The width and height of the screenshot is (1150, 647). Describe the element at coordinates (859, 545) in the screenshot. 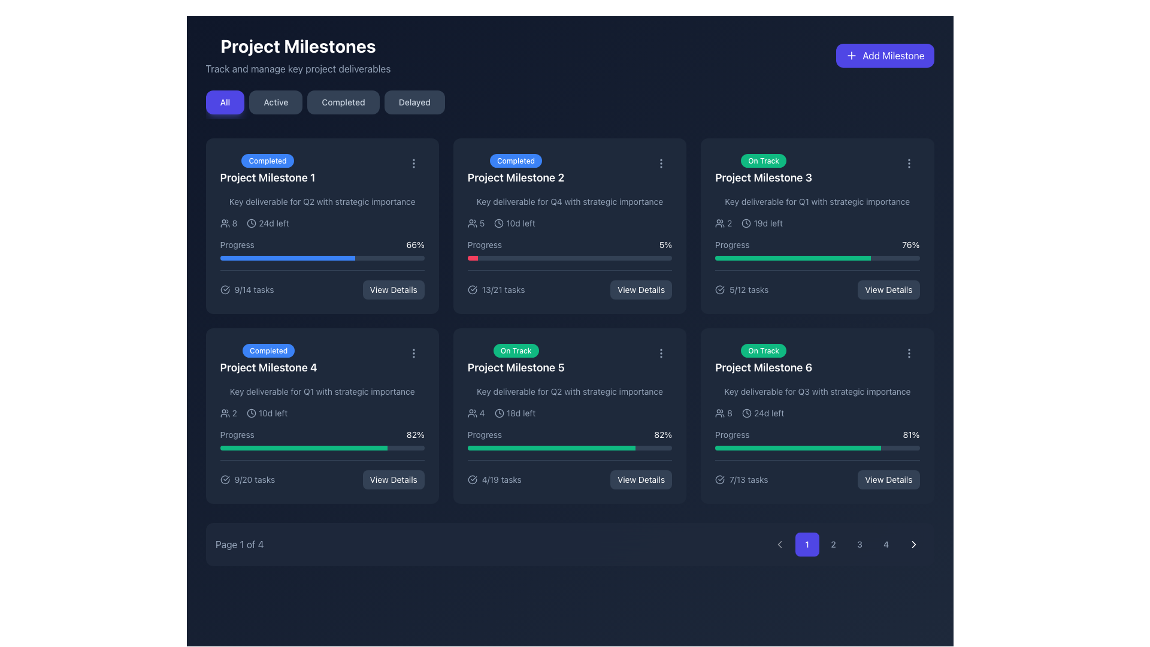

I see `the button labeled '3' in the pagination control` at that location.